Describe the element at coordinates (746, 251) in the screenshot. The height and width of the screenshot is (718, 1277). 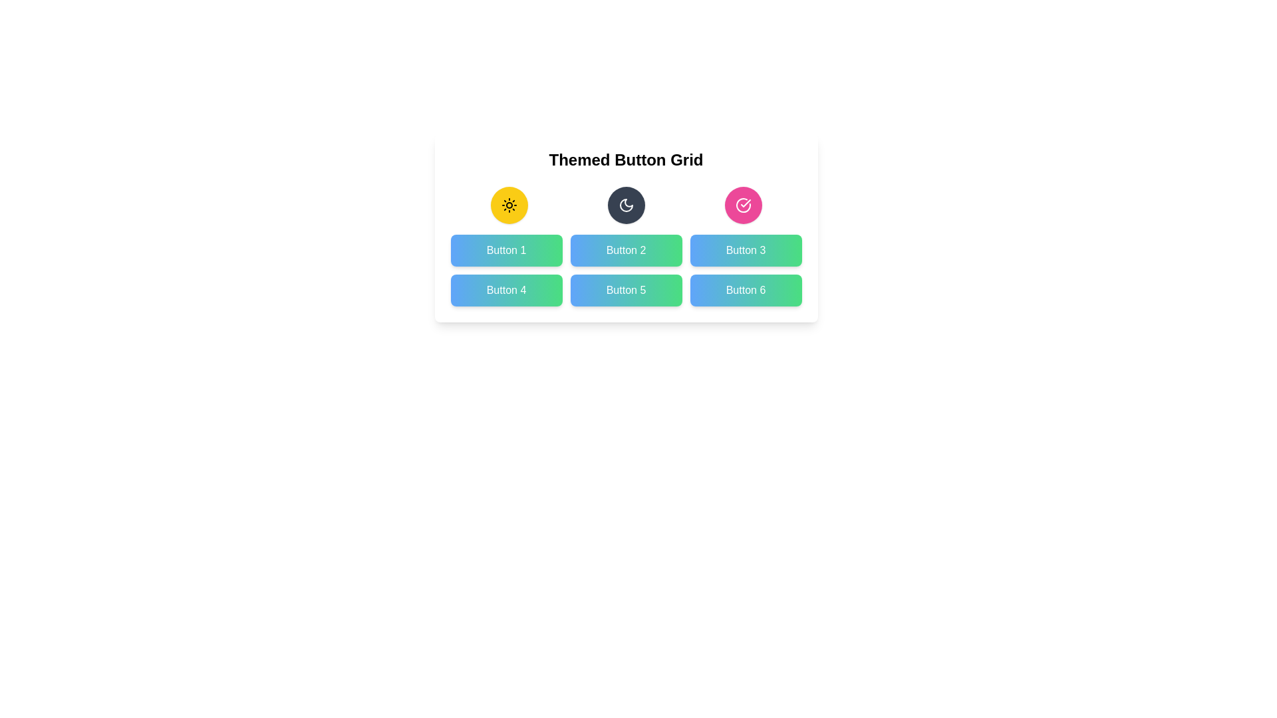
I see `the interactive button located in the first row and third column of the grid layout to observe the hover effect` at that location.